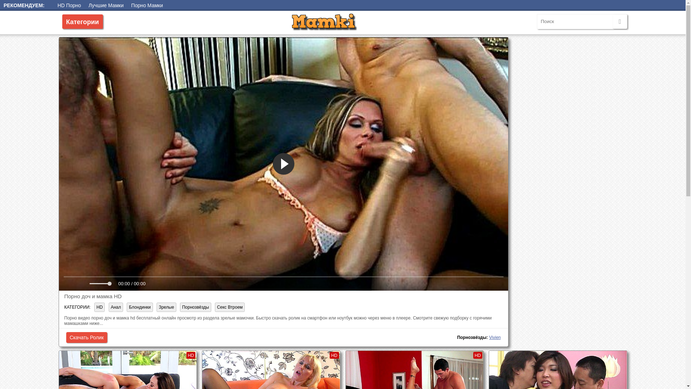  What do you see at coordinates (99, 307) in the screenshot?
I see `'HD'` at bounding box center [99, 307].